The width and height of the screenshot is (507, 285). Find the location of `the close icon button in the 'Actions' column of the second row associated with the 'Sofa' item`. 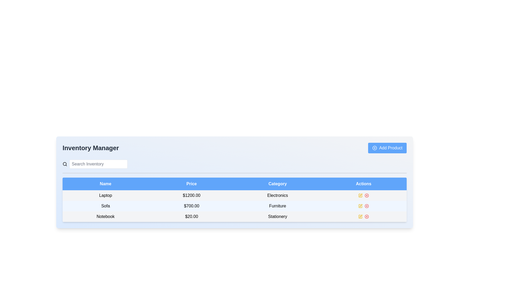

the close icon button in the 'Actions' column of the second row associated with the 'Sofa' item is located at coordinates (367, 206).